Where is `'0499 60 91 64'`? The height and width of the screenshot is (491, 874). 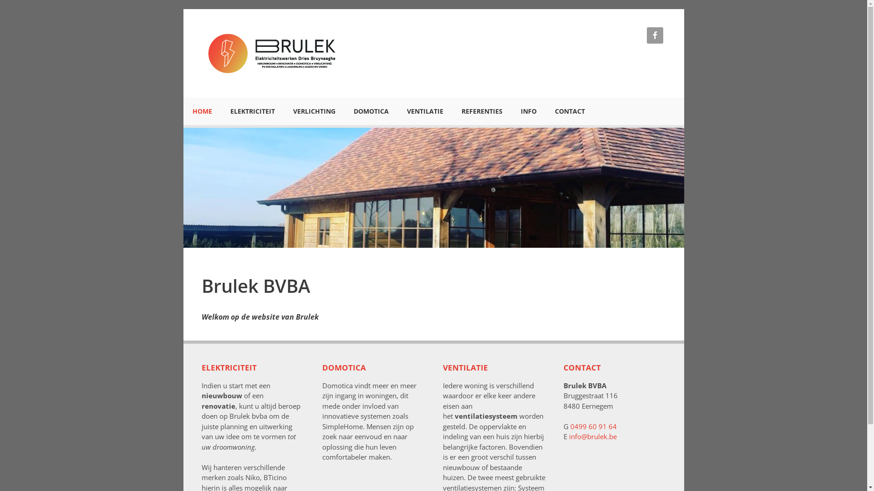
'0499 60 91 64' is located at coordinates (593, 426).